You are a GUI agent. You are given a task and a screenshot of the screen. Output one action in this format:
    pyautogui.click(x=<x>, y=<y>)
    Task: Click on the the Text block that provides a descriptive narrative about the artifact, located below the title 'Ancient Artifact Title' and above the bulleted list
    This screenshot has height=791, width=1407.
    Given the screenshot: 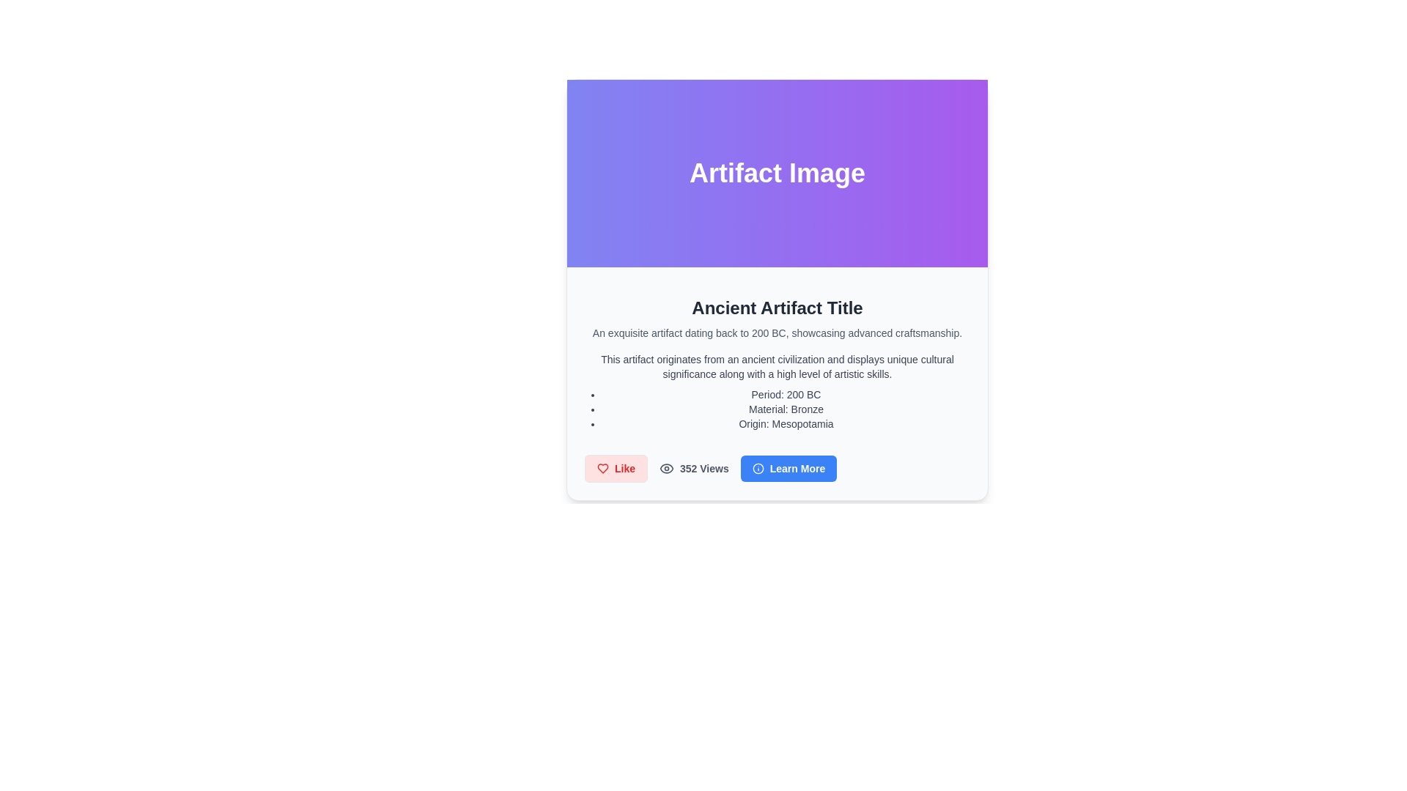 What is the action you would take?
    pyautogui.click(x=776, y=366)
    